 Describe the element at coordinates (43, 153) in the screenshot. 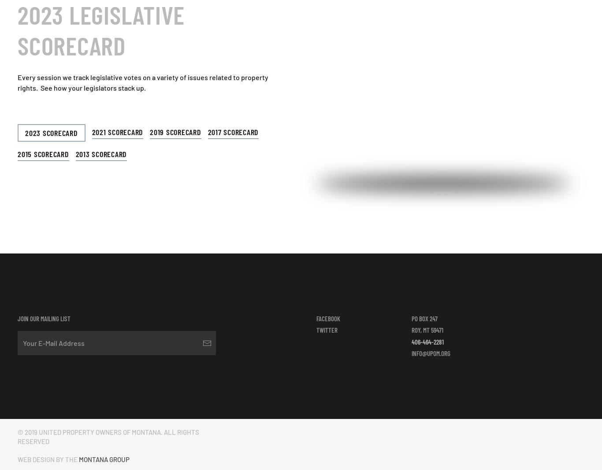

I see `'2015 Scorecard'` at that location.